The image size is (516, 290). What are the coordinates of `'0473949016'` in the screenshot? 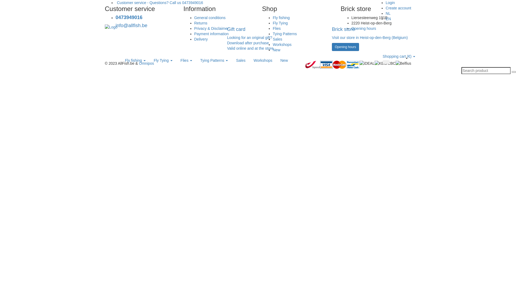 It's located at (129, 17).